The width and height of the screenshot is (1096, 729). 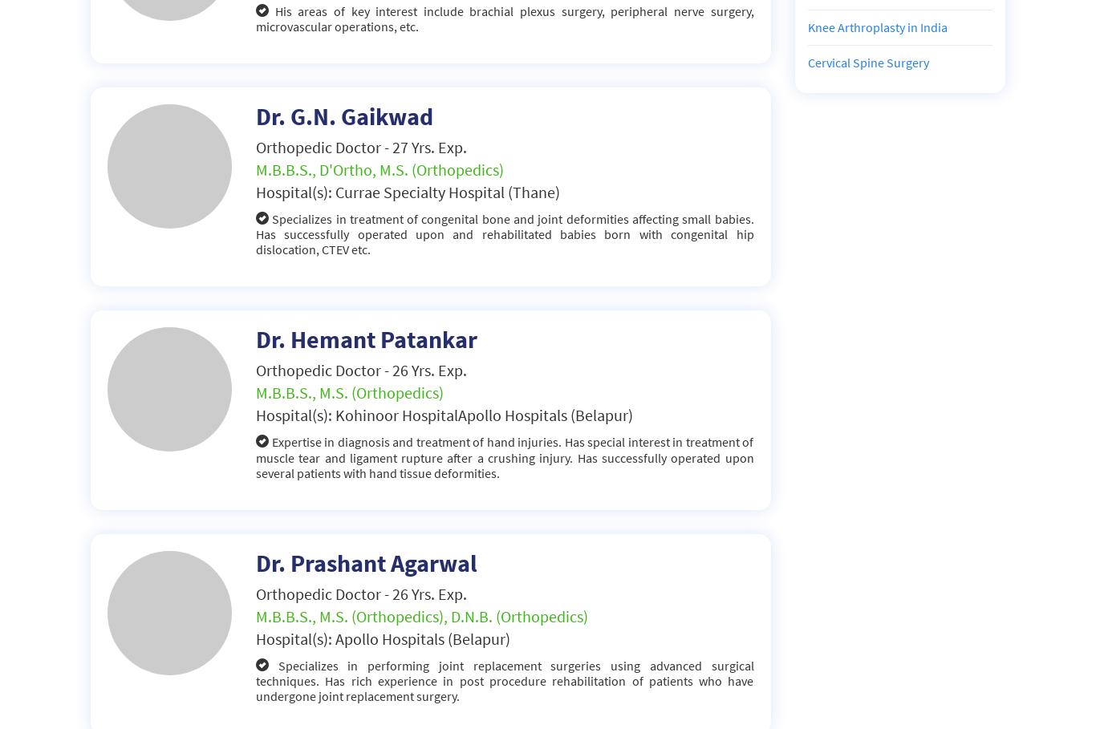 I want to click on 'Specializes in treatment of congenital bone and joint deformities affecting small babies. Has successfully operated upon and rehabilitated babies born with congenital hip dislocation, CTEV etc.', so click(x=504, y=233).